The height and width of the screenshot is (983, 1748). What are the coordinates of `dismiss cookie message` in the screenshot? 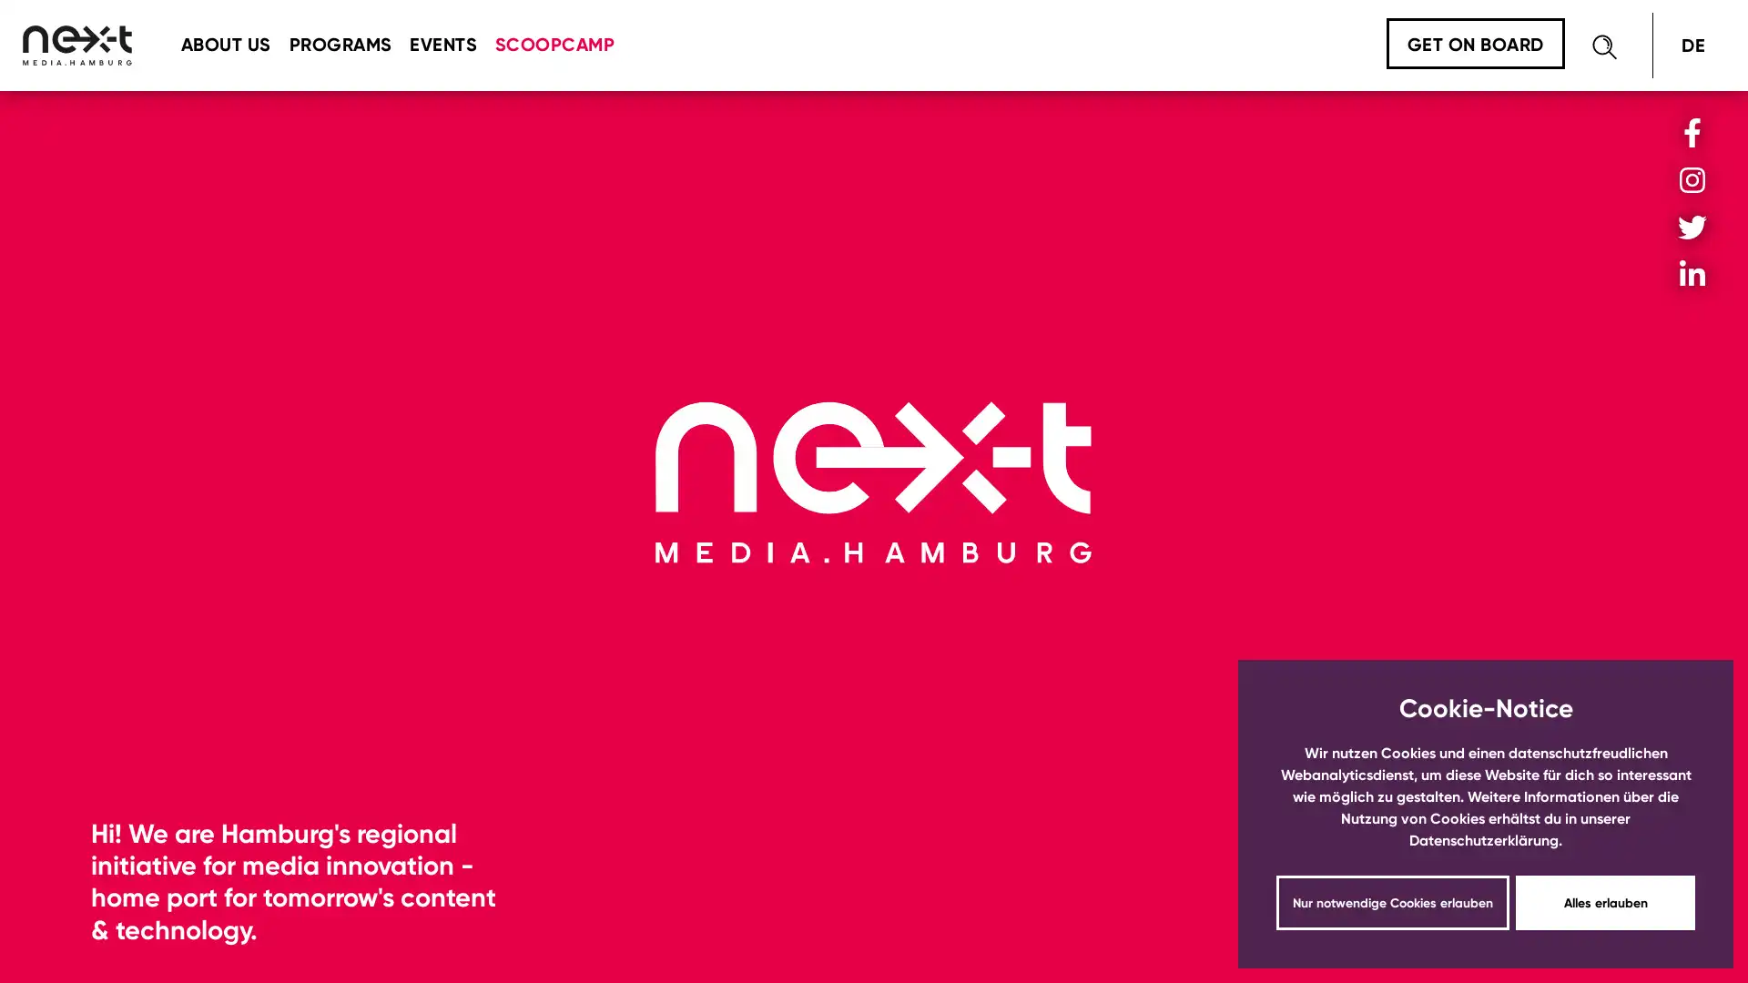 It's located at (1392, 902).